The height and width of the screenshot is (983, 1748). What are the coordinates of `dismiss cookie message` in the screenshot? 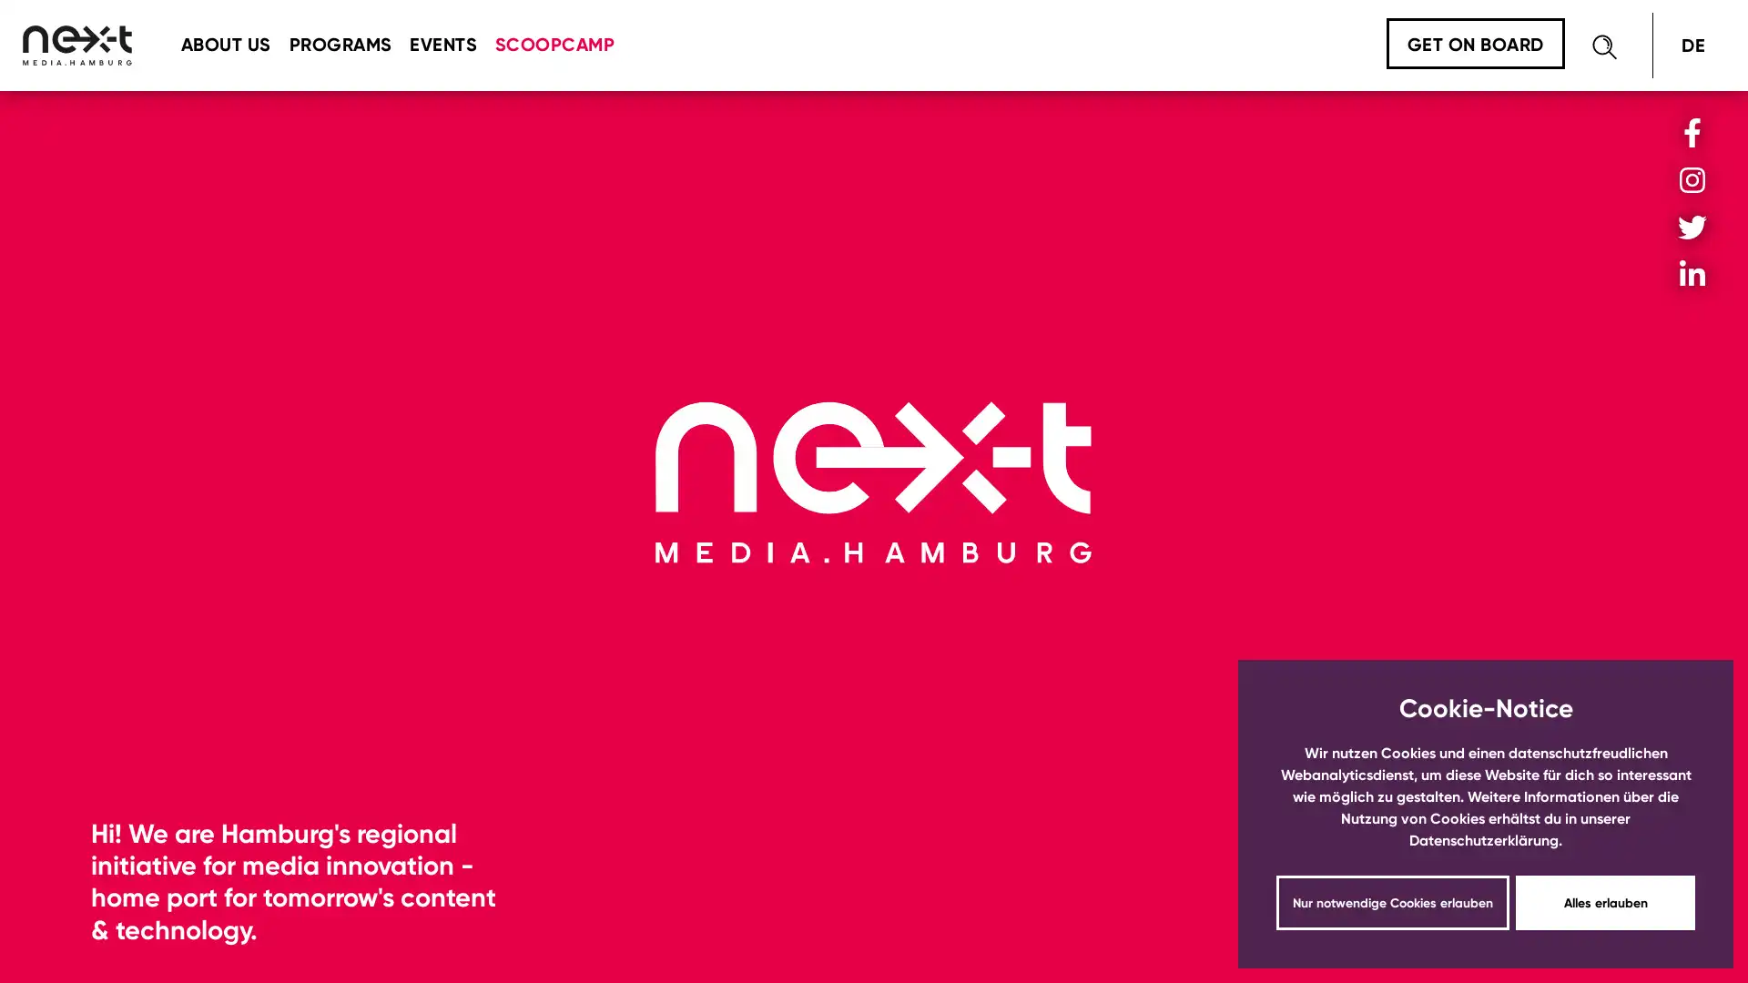 It's located at (1392, 902).